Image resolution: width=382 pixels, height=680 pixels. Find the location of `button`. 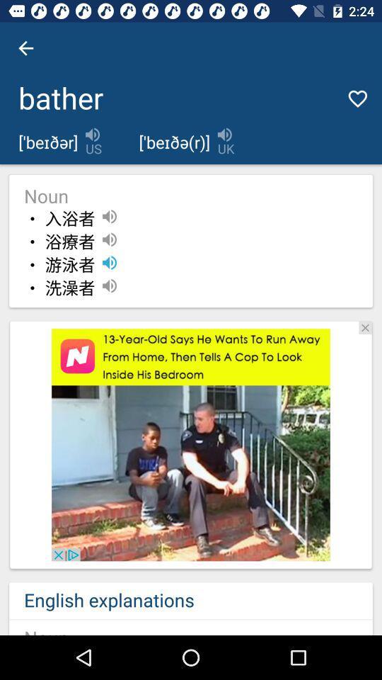

button is located at coordinates (365, 327).